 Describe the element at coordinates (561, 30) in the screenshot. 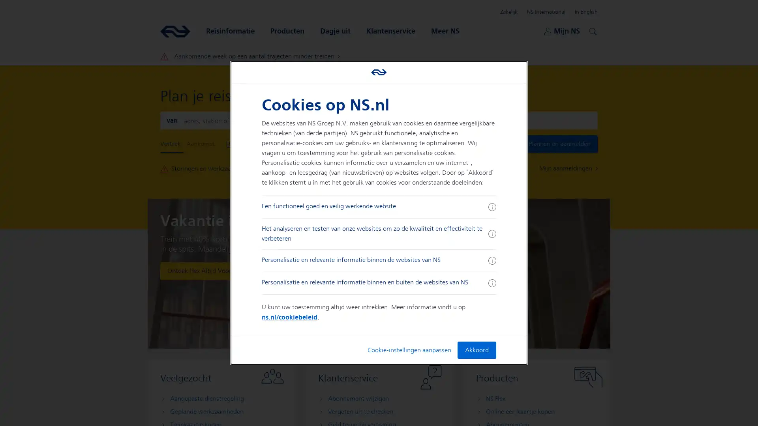

I see `Mijn NS Open submenu` at that location.